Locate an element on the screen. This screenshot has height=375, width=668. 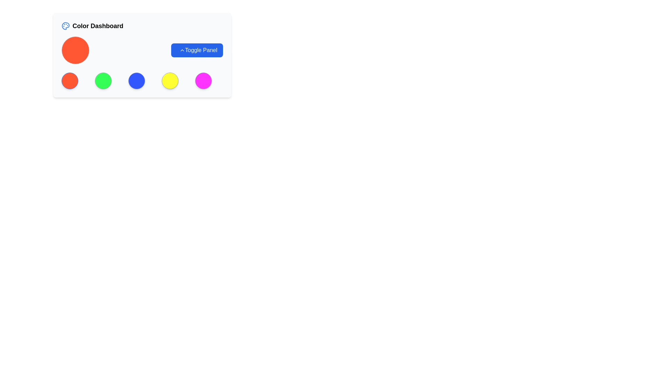
the fourth button in a horizontal row of five buttons is located at coordinates (170, 80).